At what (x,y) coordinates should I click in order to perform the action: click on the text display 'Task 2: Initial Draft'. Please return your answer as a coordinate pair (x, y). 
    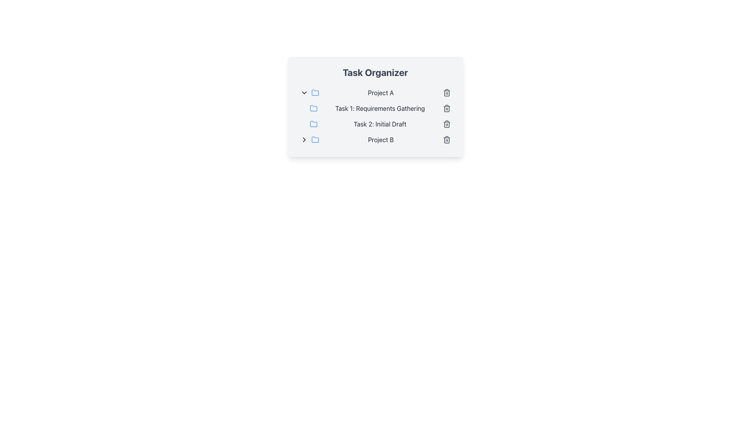
    Looking at the image, I should click on (380, 123).